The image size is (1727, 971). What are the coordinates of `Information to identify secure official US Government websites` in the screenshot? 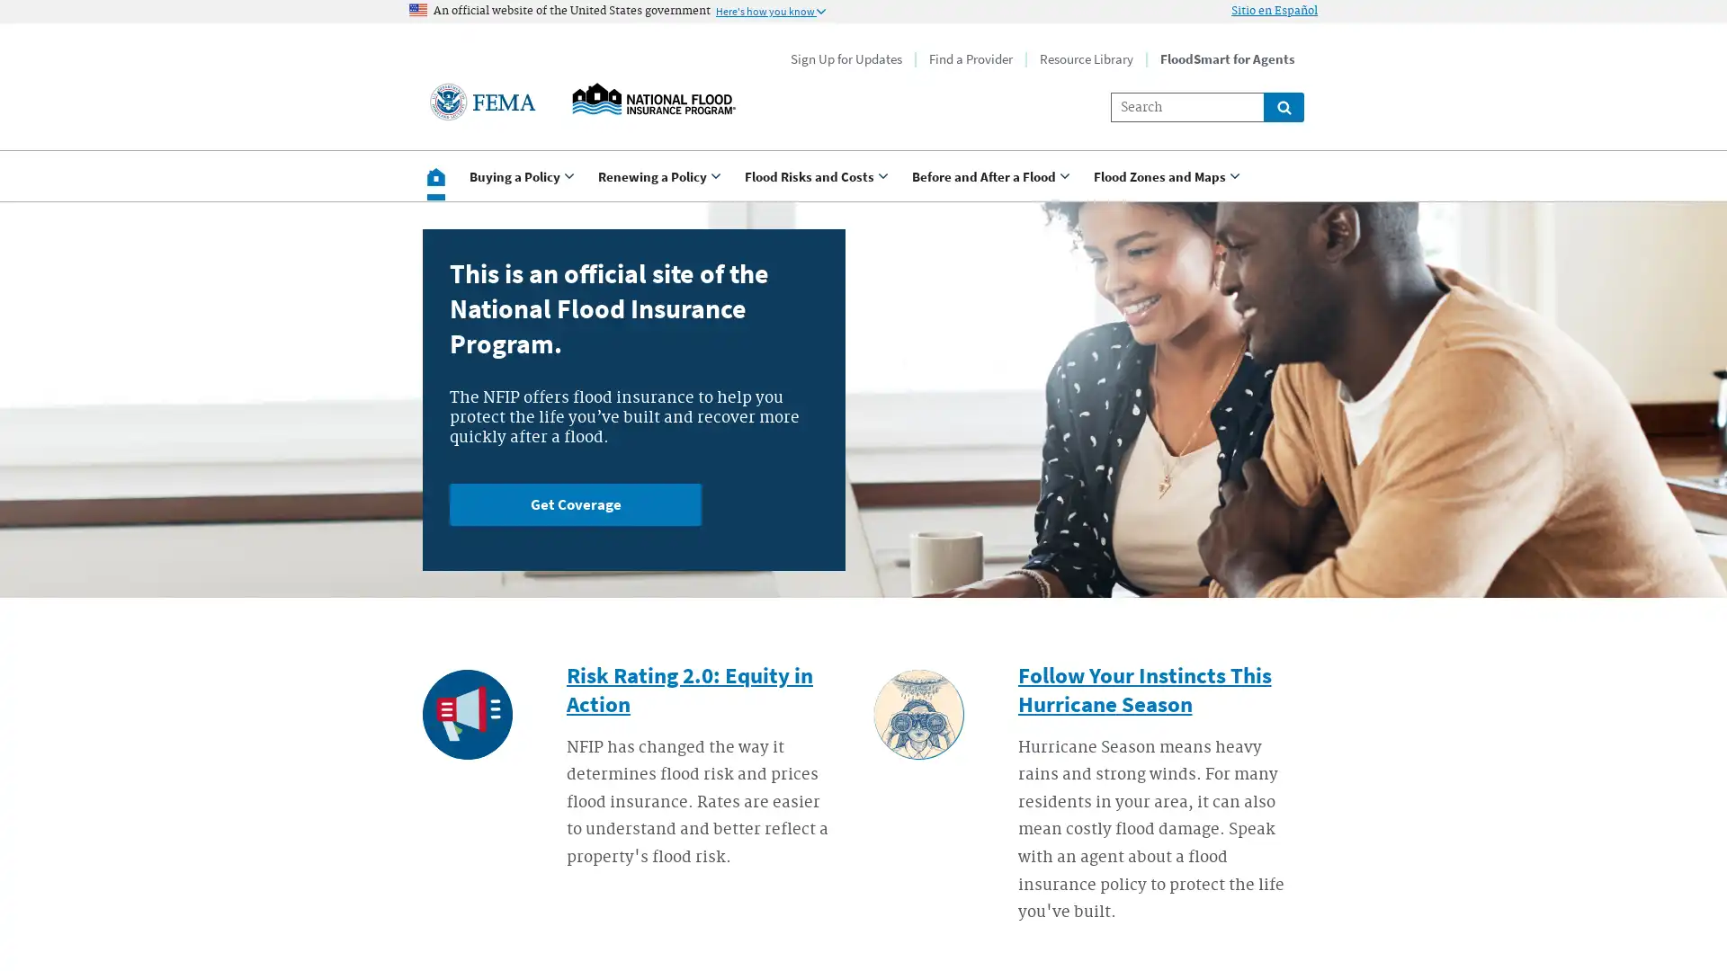 It's located at (771, 10).